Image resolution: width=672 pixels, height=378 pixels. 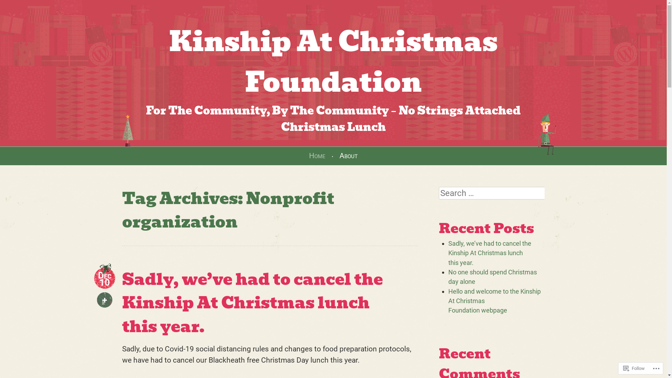 I want to click on 'No one should spend Christmas day alone', so click(x=492, y=276).